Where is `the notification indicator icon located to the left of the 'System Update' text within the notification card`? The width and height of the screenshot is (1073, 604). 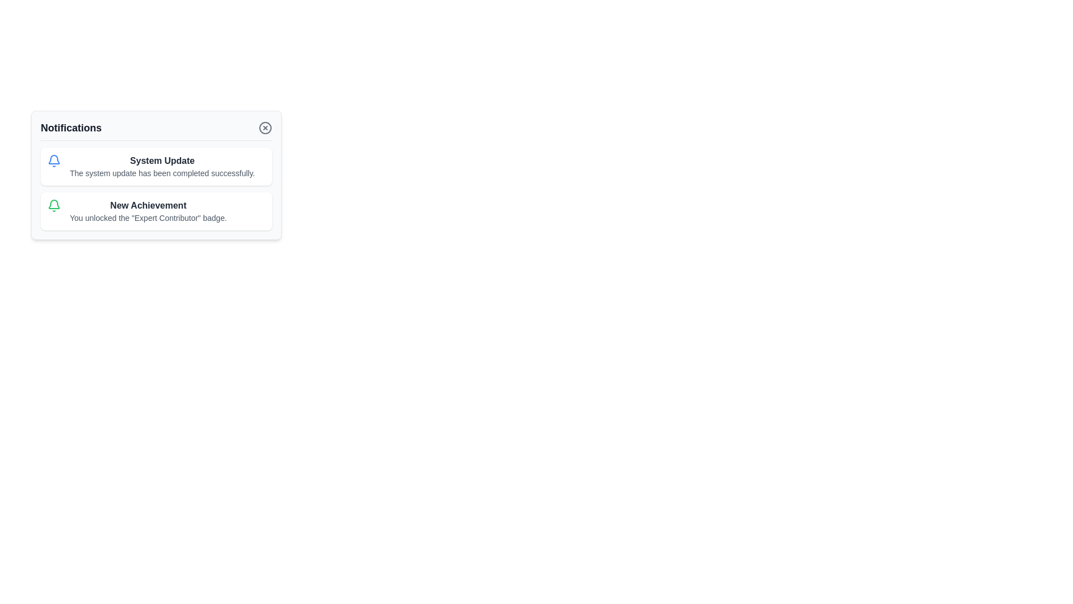
the notification indicator icon located to the left of the 'System Update' text within the notification card is located at coordinates (53, 161).